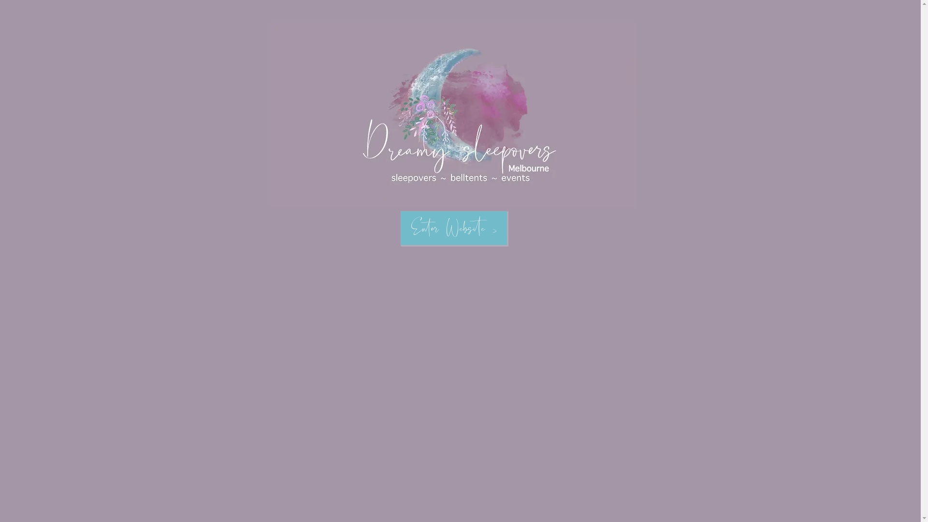 This screenshot has width=928, height=522. I want to click on 'Enter Website >', so click(452, 228).